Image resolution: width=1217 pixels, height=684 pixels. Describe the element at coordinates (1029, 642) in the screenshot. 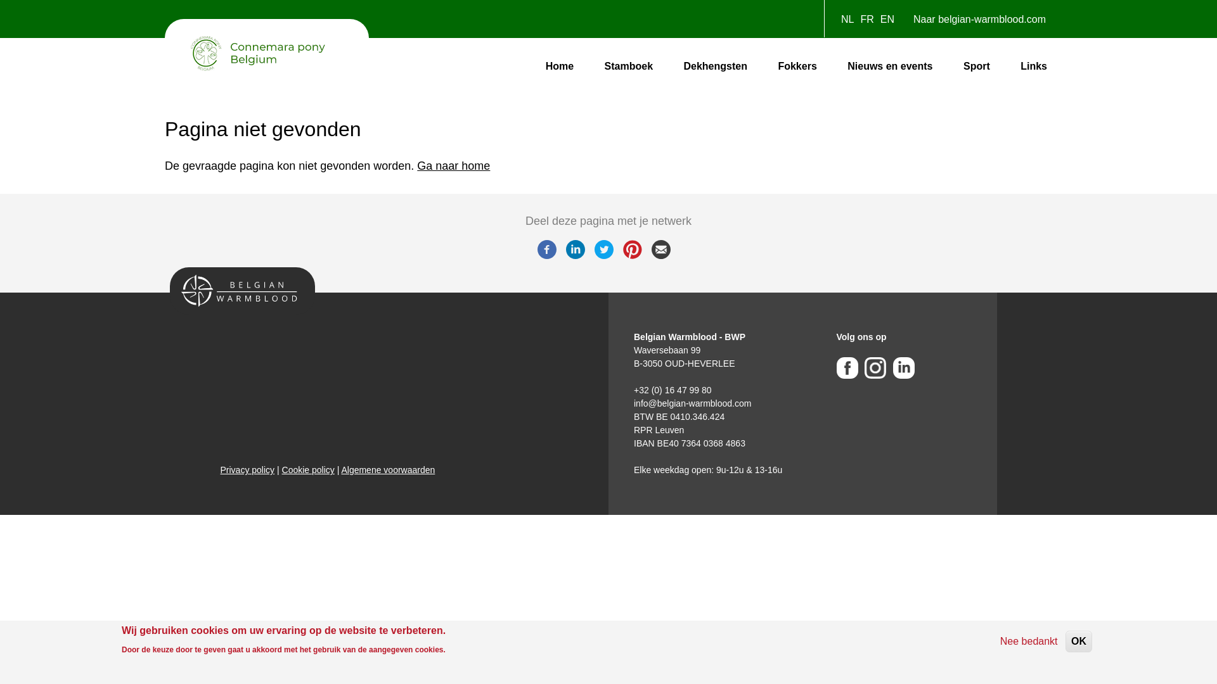

I see `'Nee bedankt'` at that location.